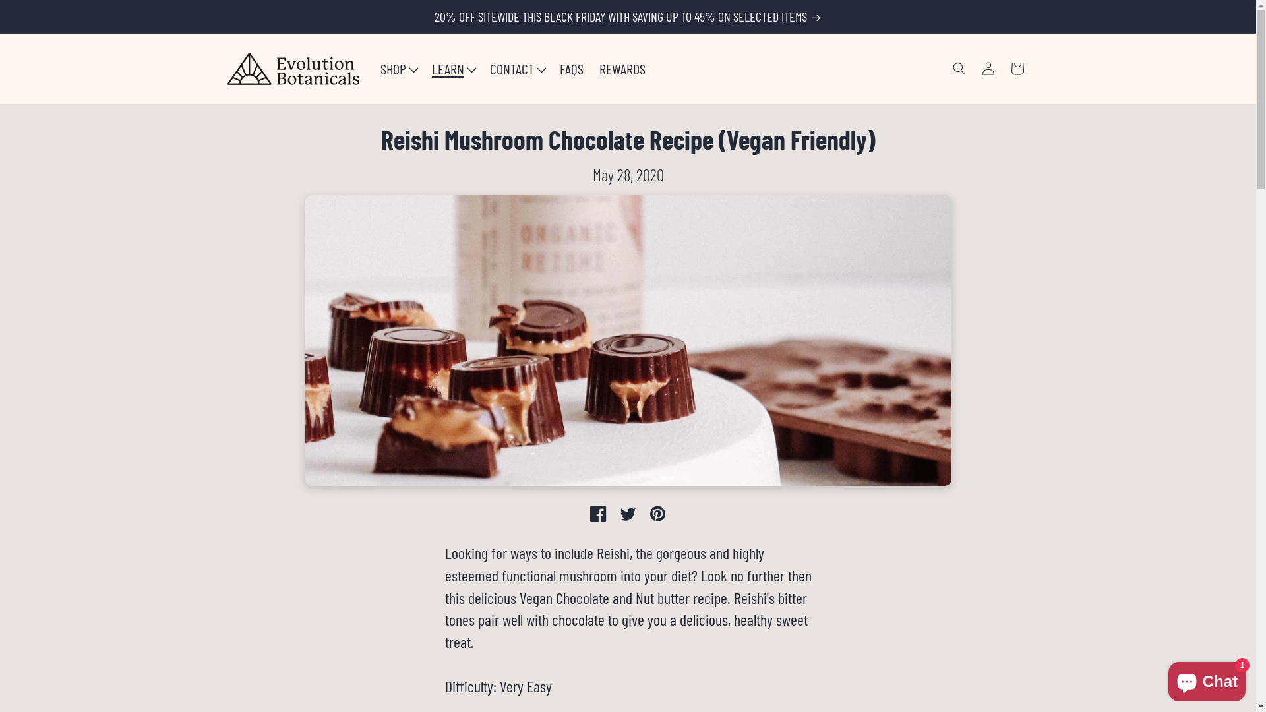  Describe the element at coordinates (1207, 678) in the screenshot. I see `'Shopify online store chat'` at that location.